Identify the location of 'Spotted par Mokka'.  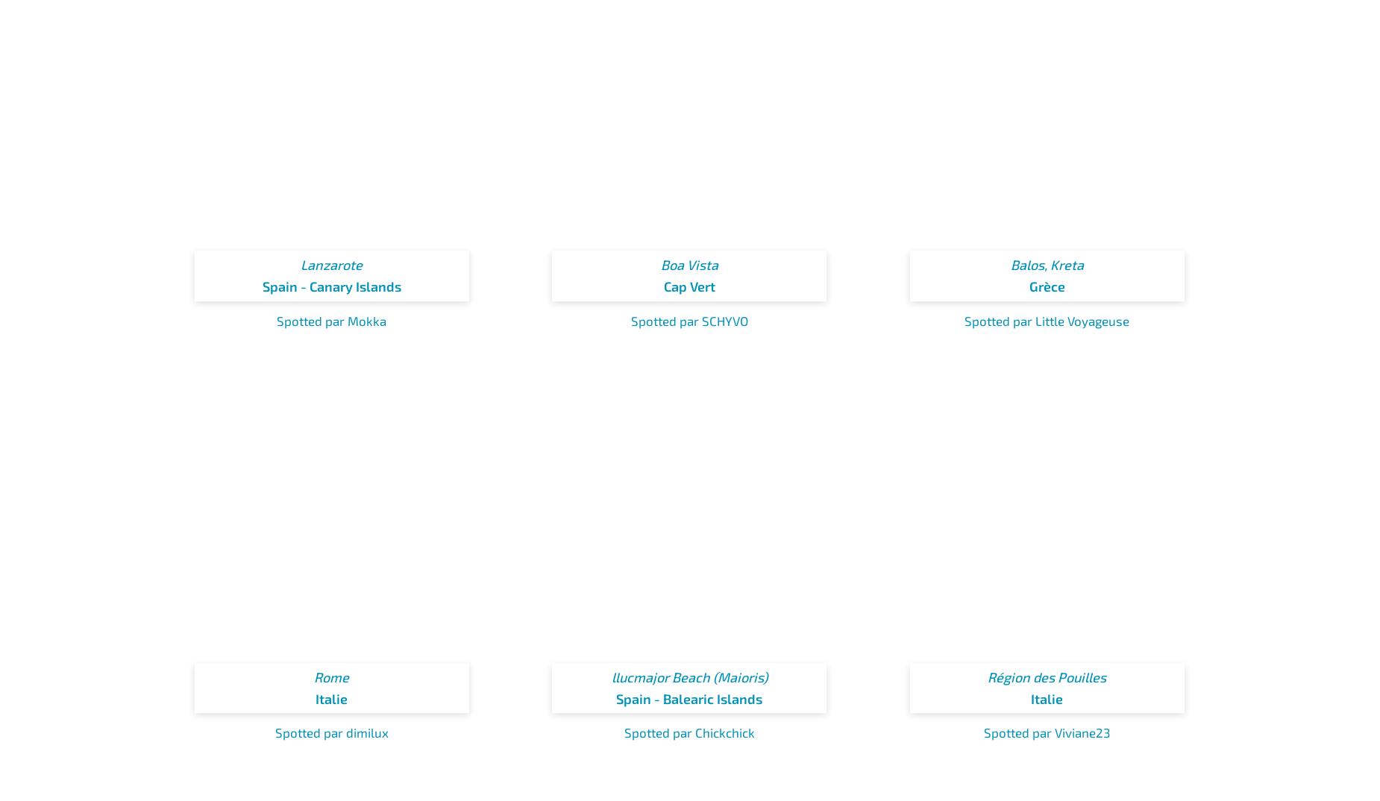
(330, 319).